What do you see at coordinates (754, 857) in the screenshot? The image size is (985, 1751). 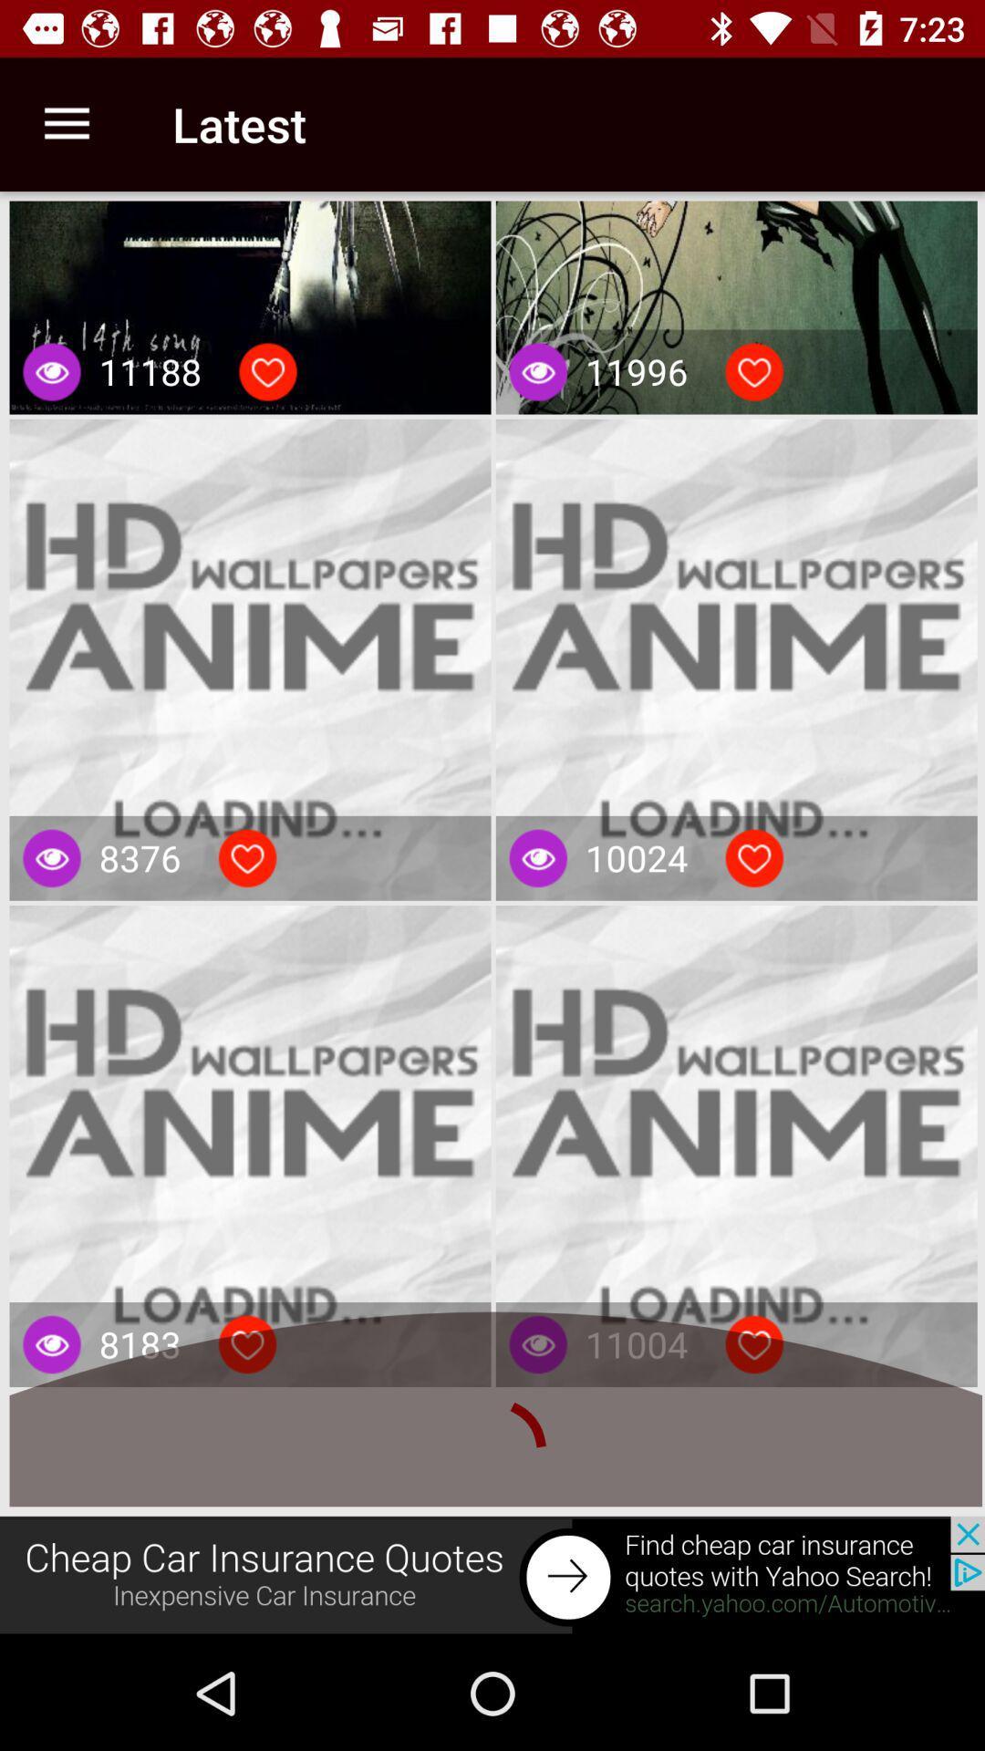 I see `selection to favorites` at bounding box center [754, 857].